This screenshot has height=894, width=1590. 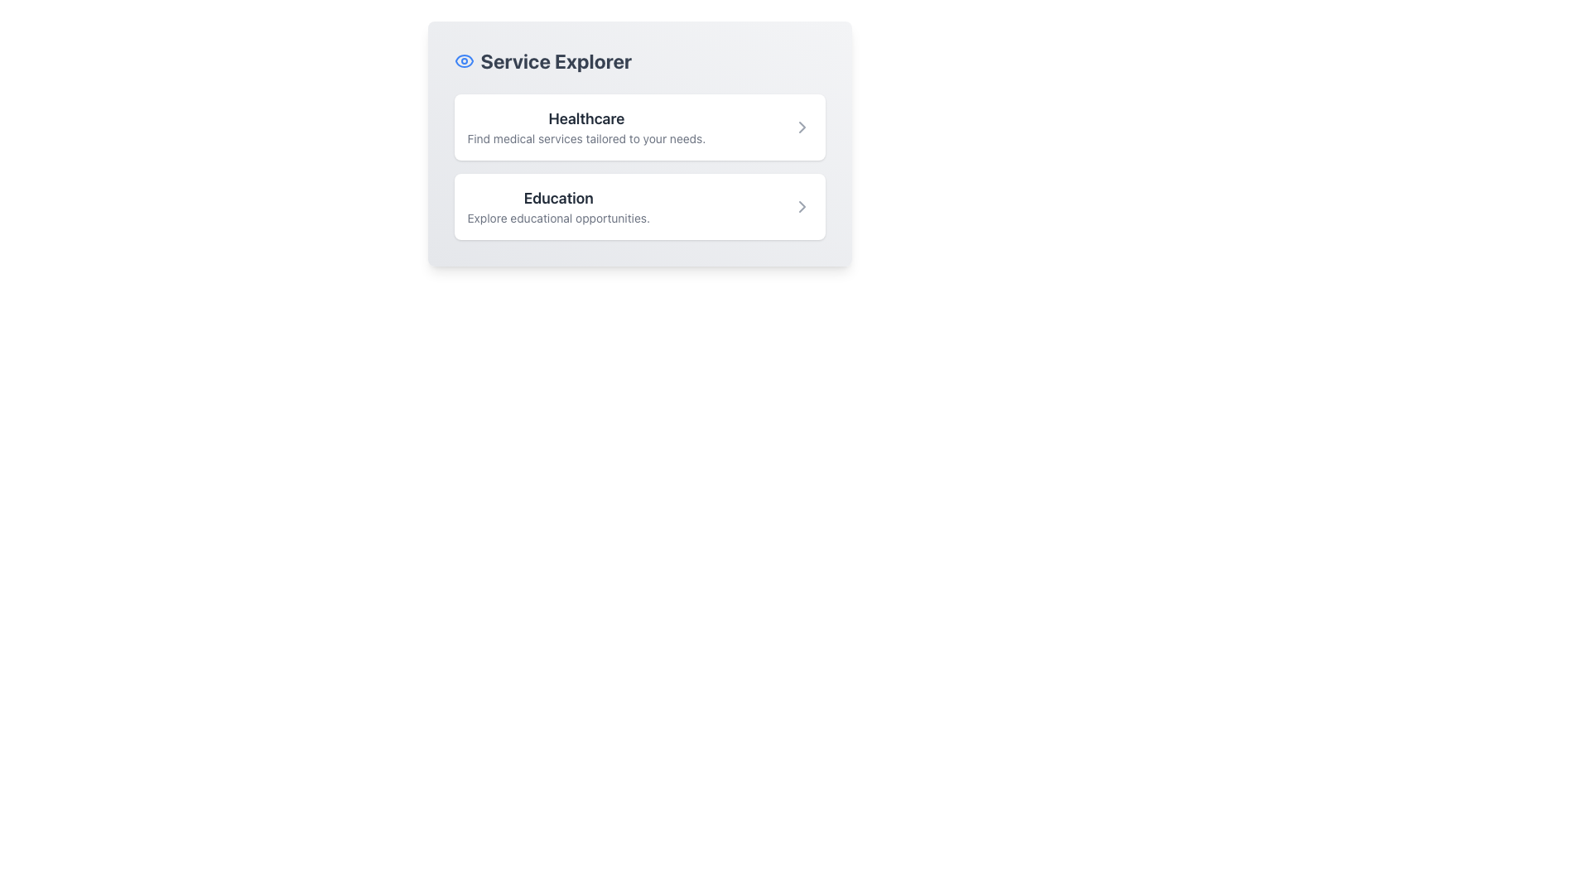 I want to click on the descriptive subtitle text element located below the 'Education' header in the education section, which provides additional context for this category, so click(x=558, y=217).